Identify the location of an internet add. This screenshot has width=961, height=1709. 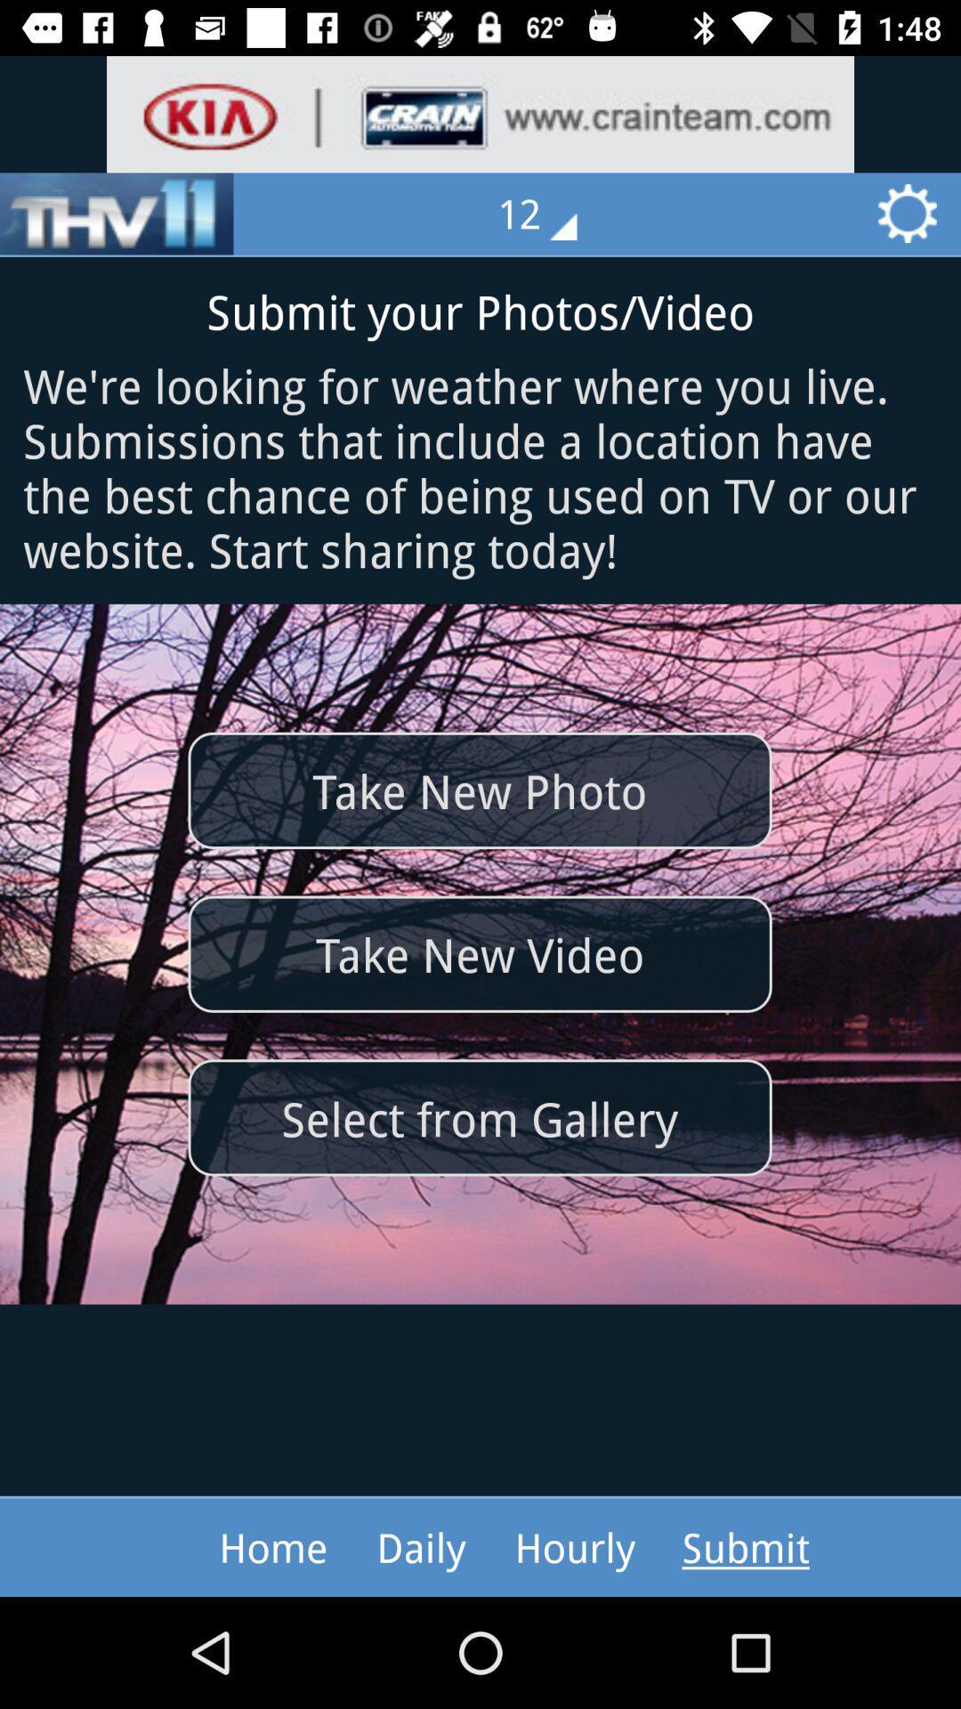
(480, 113).